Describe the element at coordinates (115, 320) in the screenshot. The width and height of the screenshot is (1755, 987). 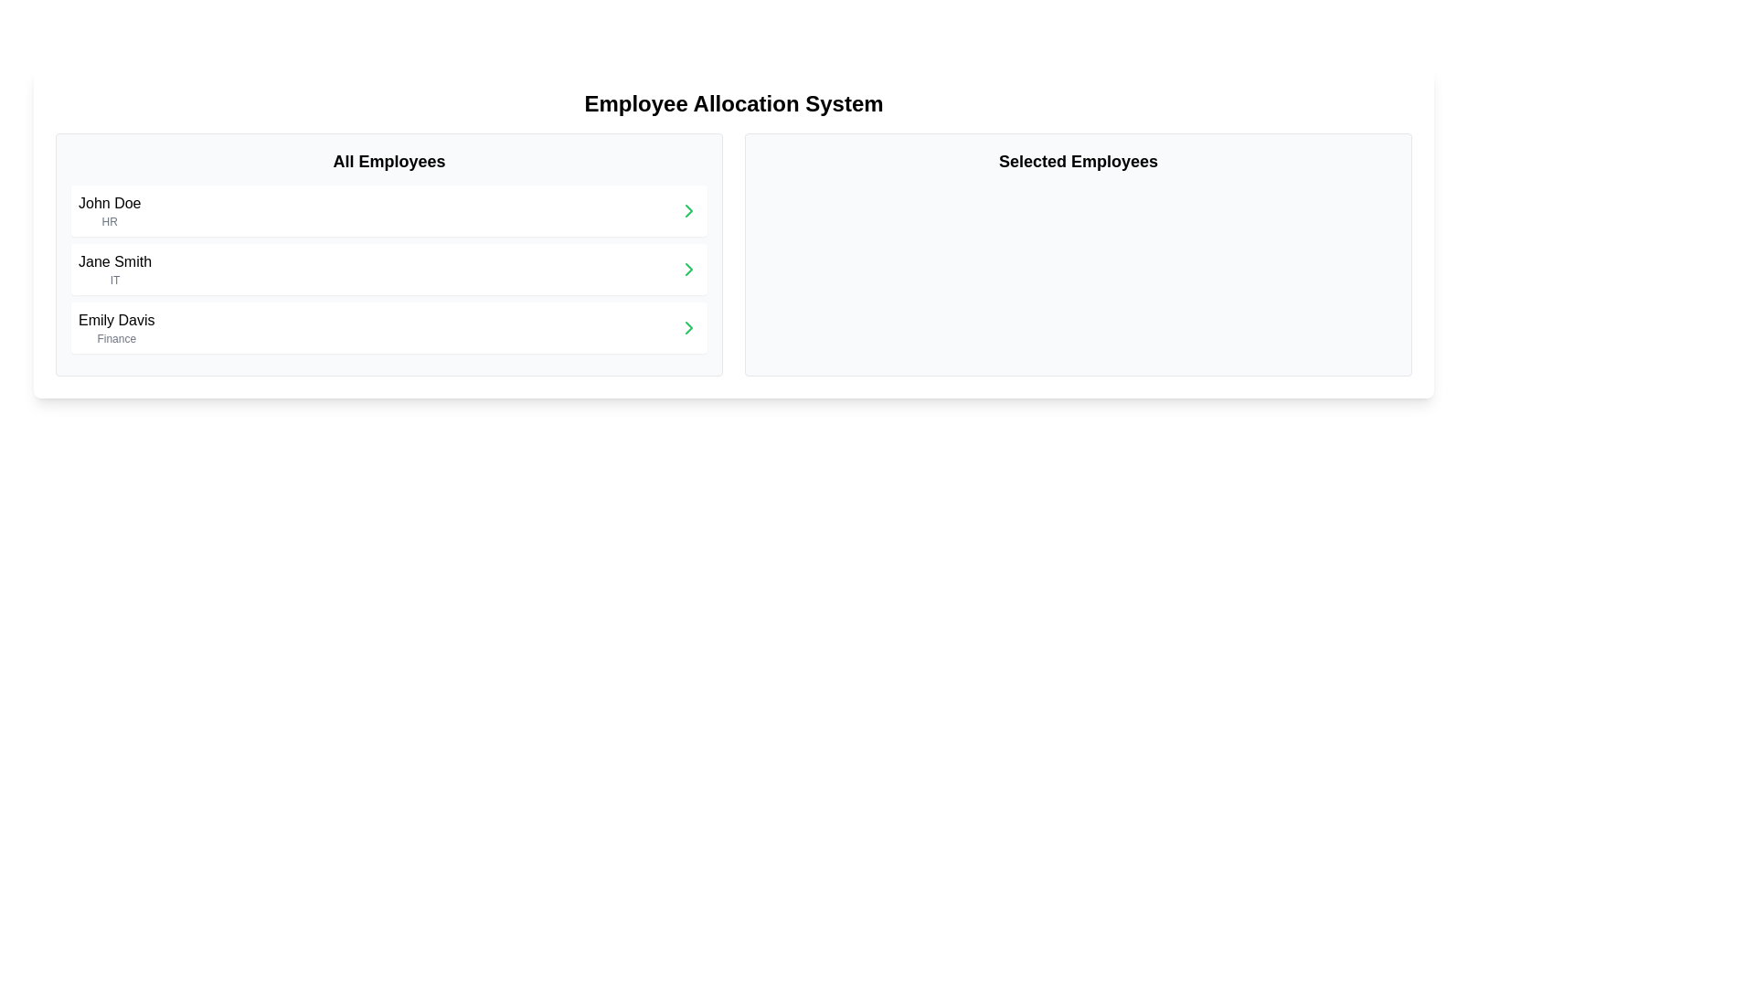
I see `the text label displaying 'Emily Davis', which is the top line of a two-line entry` at that location.